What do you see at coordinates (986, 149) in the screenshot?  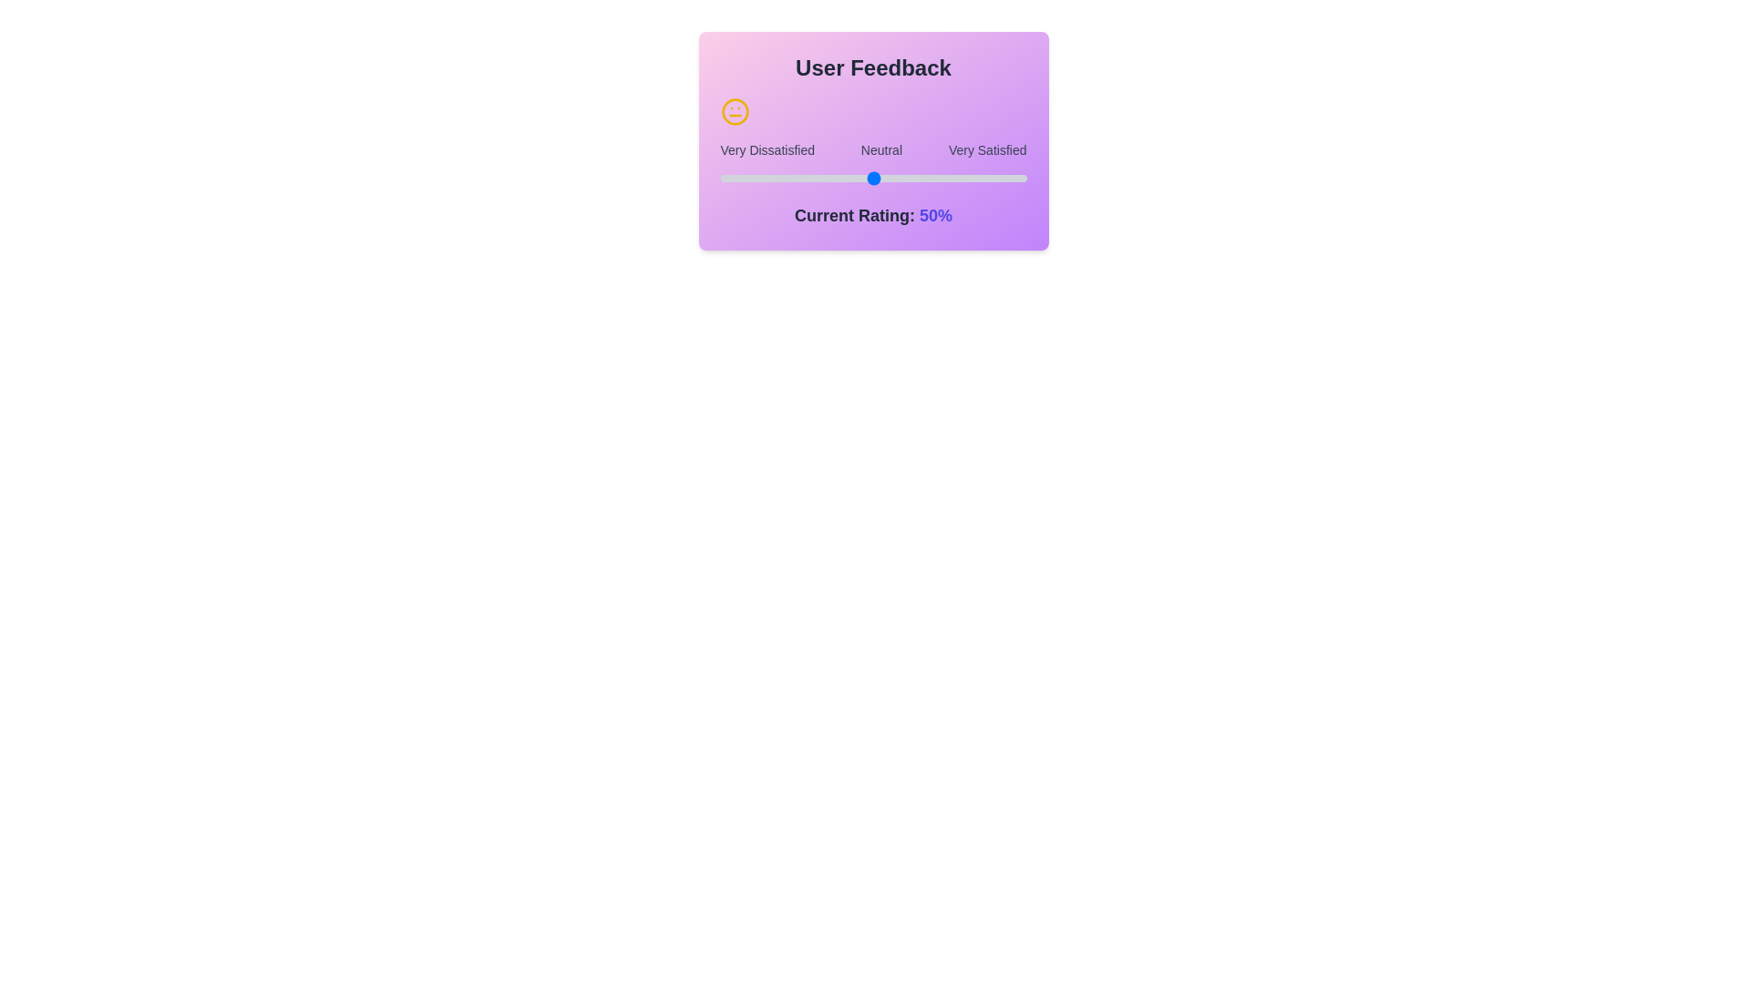 I see `the text label Very Satisfied to select it` at bounding box center [986, 149].